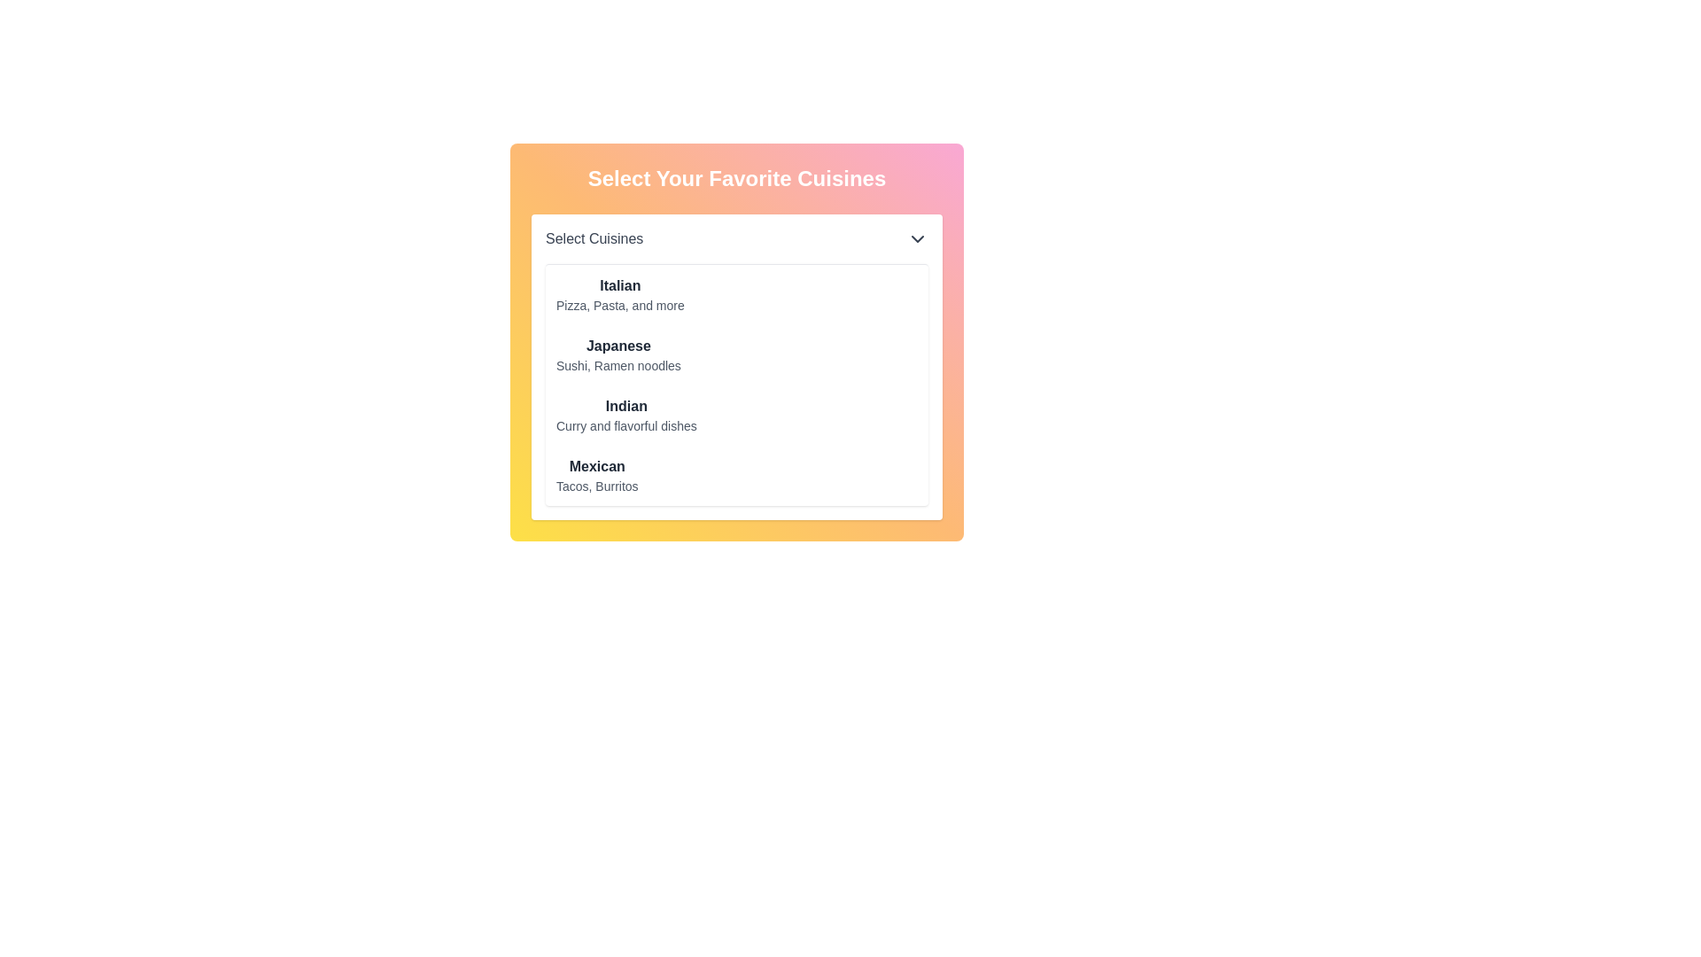 This screenshot has height=957, width=1701. What do you see at coordinates (626, 426) in the screenshot?
I see `the text label that provides descriptive information about 'Indian' cuisine, located directly below the 'Indian' label in a vertically stacked format` at bounding box center [626, 426].